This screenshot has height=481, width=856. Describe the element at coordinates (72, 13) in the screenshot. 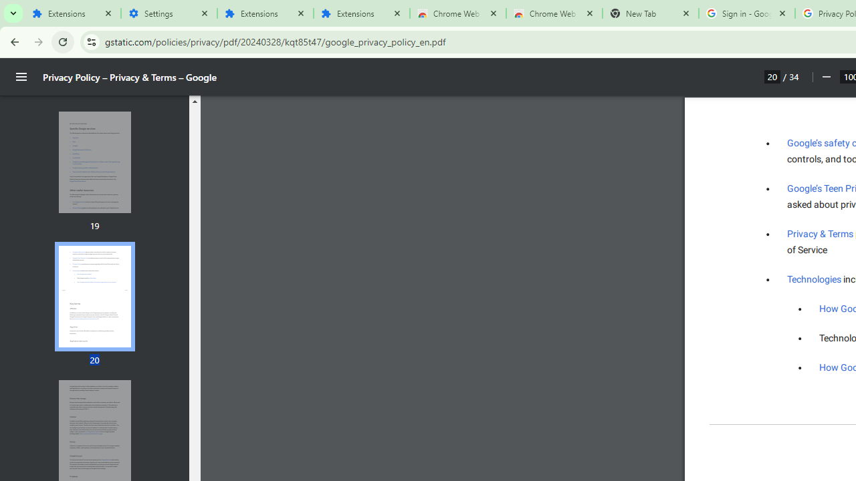

I see `'Extensions'` at that location.